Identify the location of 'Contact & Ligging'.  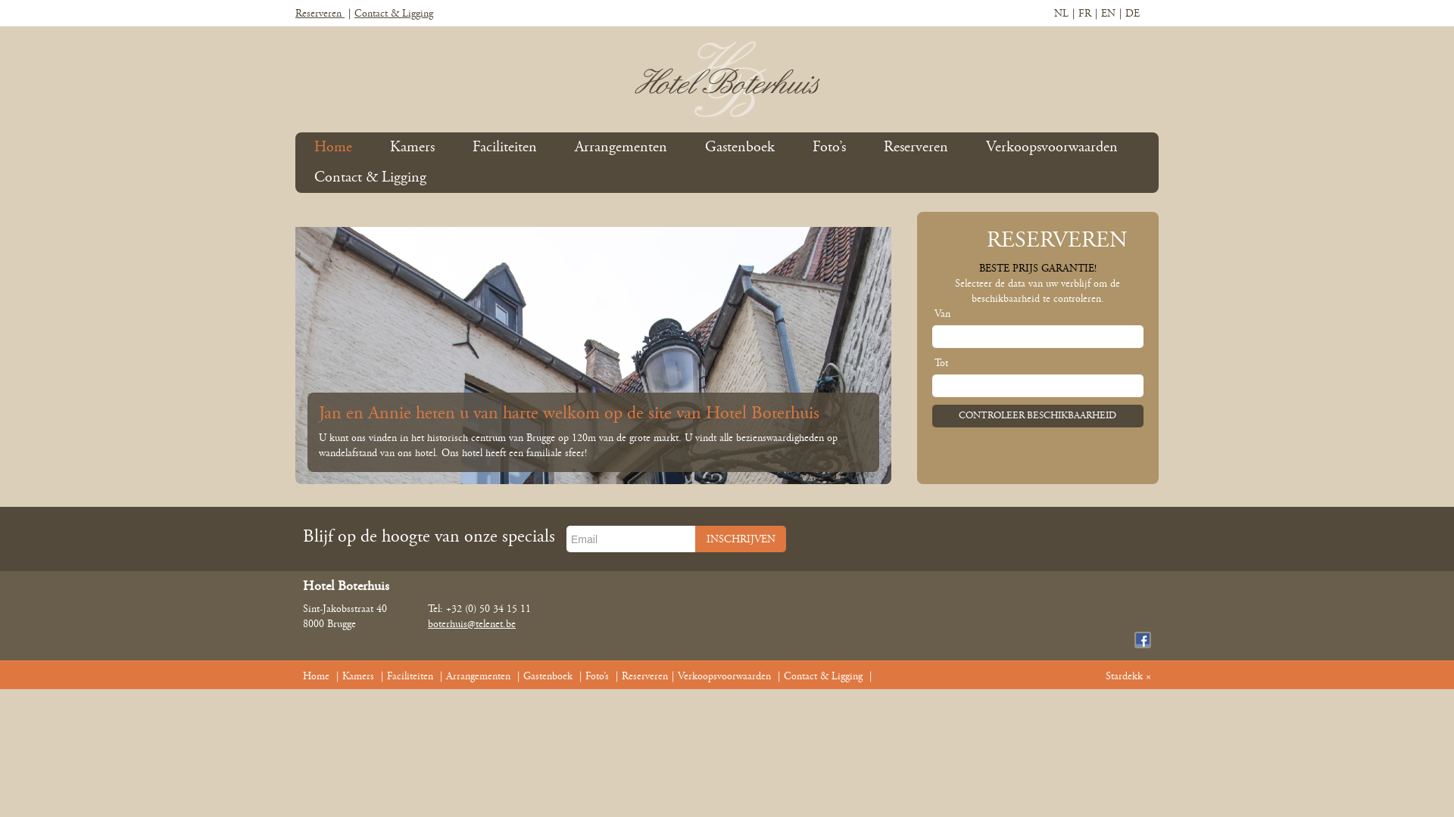
(393, 14).